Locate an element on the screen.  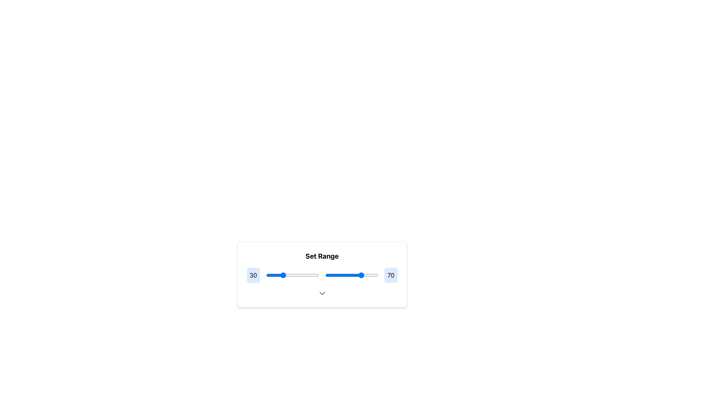
the slider value is located at coordinates (367, 275).